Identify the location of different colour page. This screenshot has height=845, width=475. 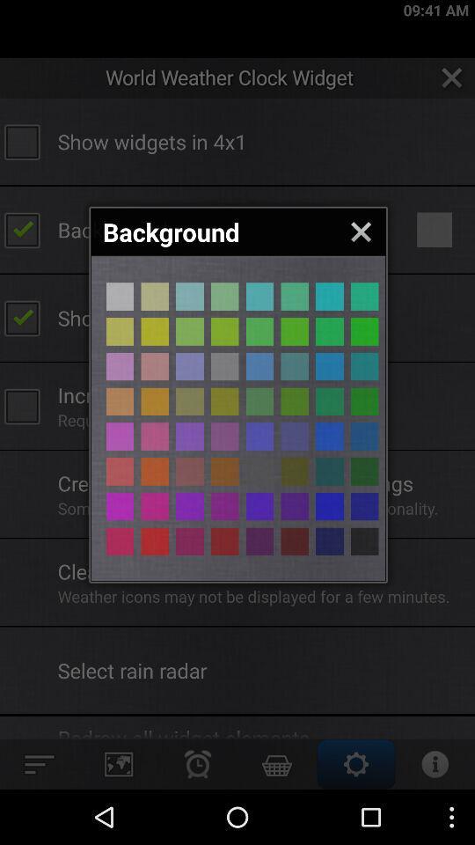
(189, 365).